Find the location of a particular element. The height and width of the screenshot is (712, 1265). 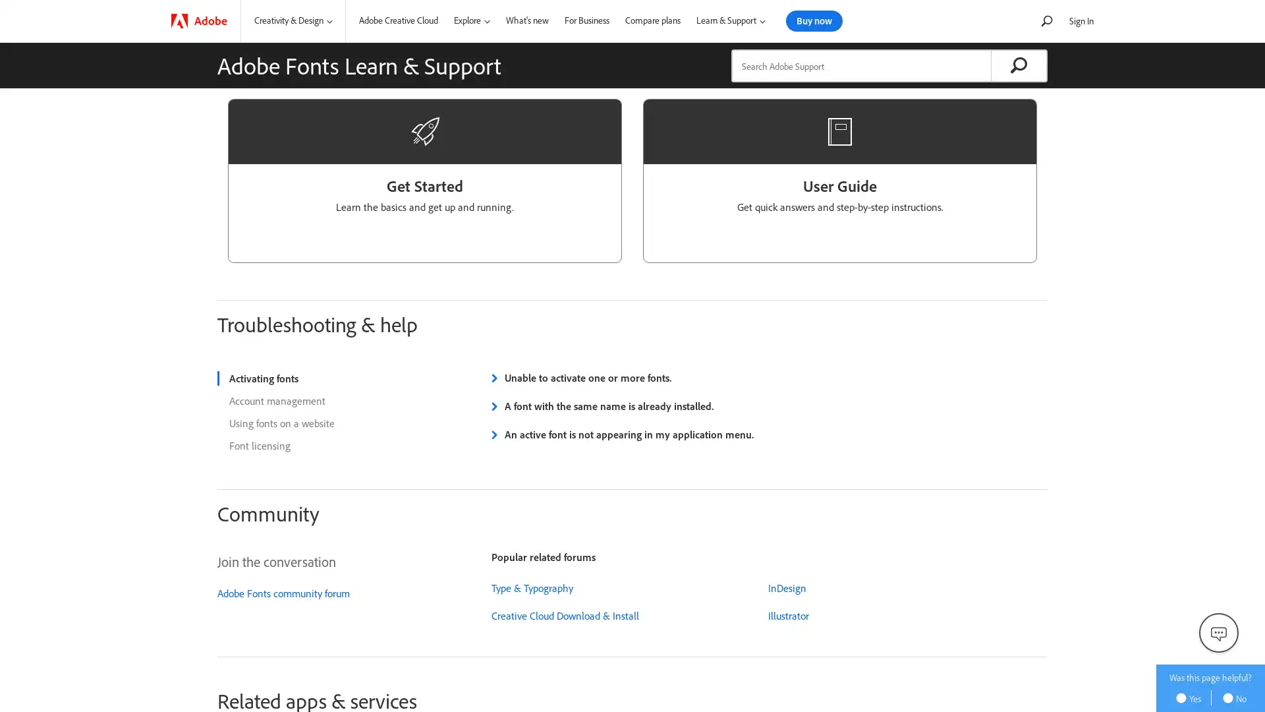

Font licensing is located at coordinates (329, 445).